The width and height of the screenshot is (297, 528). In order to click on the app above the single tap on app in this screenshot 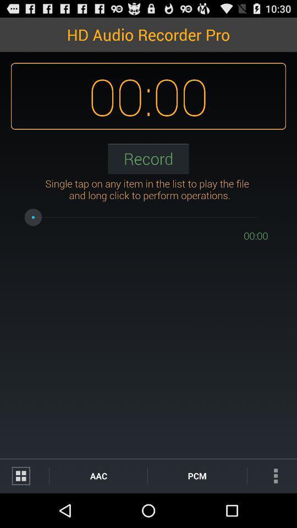, I will do `click(148, 158)`.